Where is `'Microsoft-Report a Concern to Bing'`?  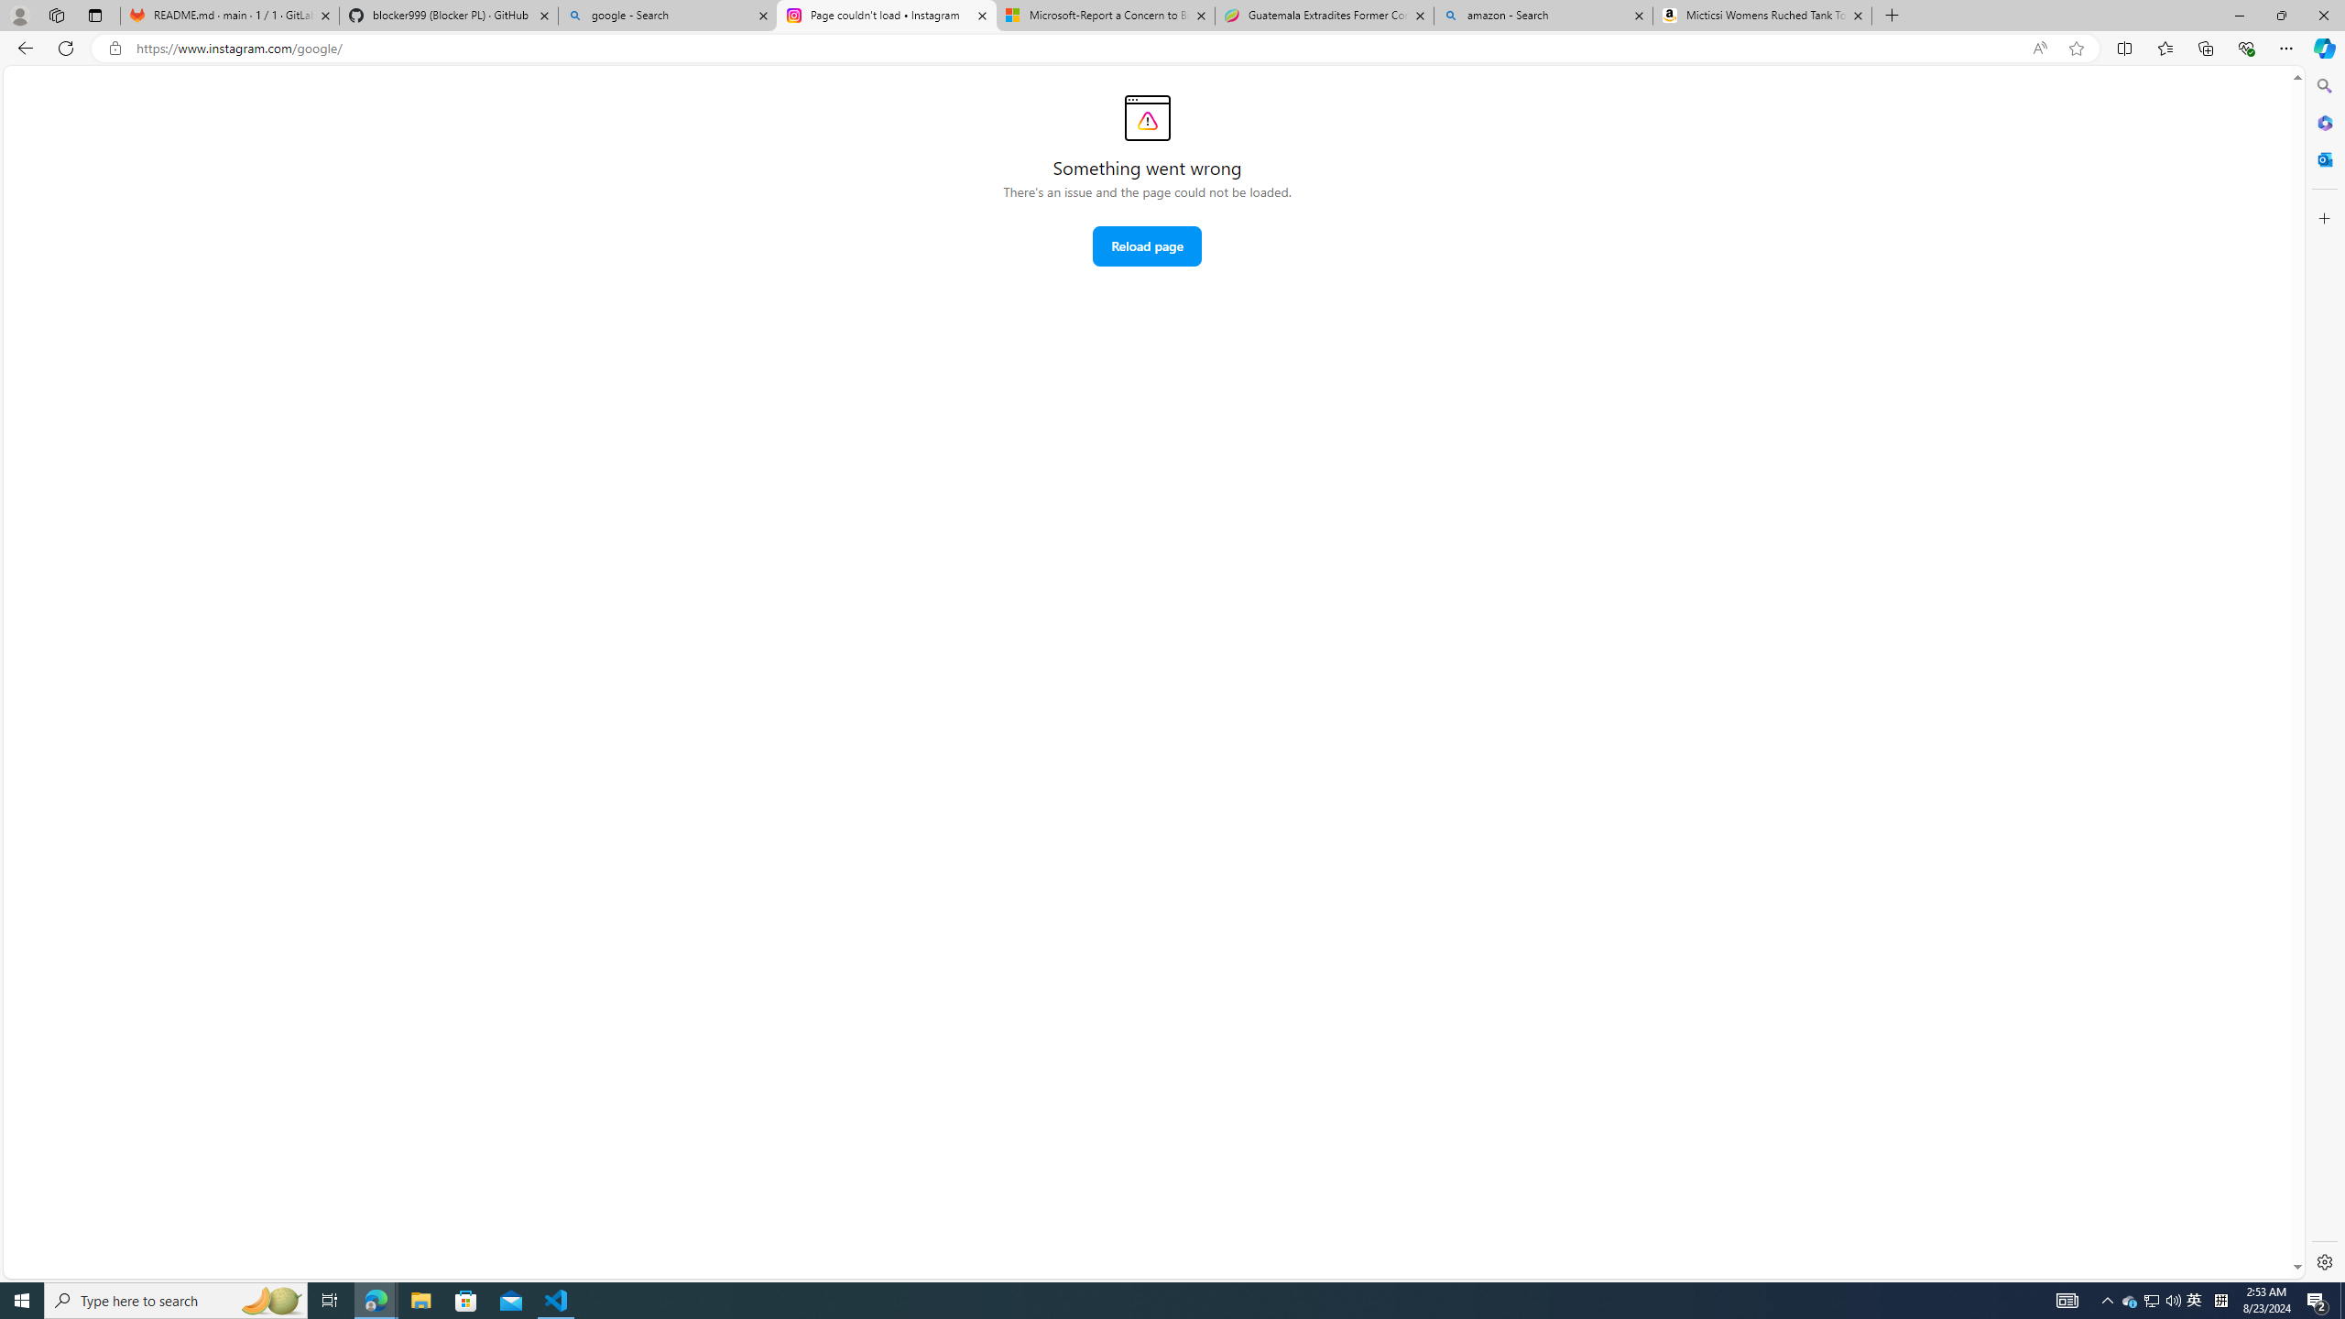
'Microsoft-Report a Concern to Bing' is located at coordinates (1103, 15).